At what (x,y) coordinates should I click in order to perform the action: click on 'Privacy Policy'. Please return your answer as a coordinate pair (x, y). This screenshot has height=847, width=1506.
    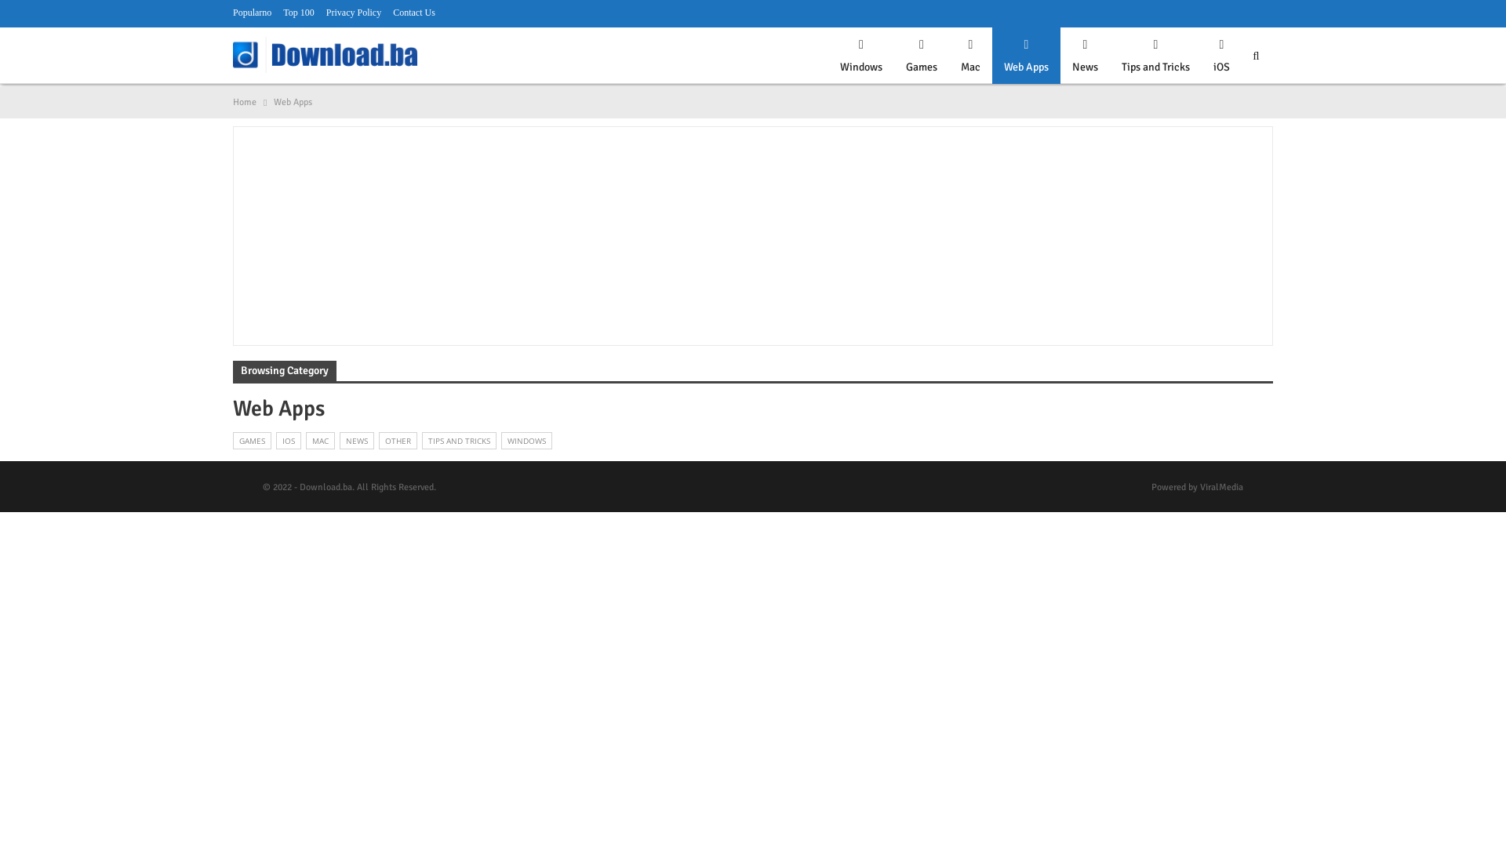
    Looking at the image, I should click on (353, 12).